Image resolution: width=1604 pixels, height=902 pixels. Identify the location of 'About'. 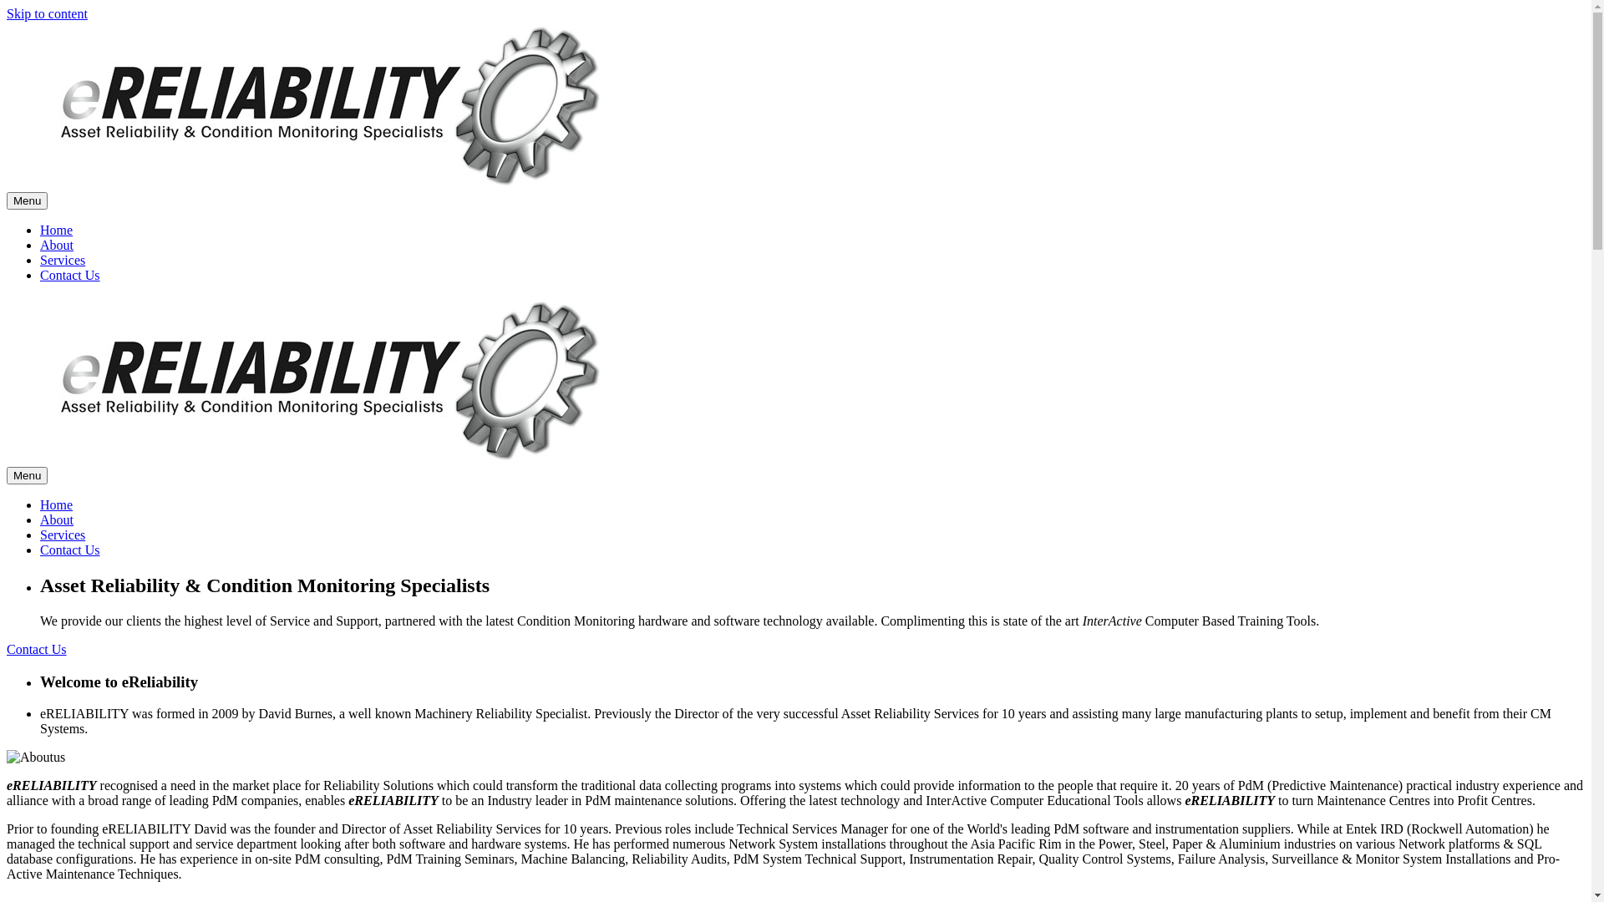
(40, 519).